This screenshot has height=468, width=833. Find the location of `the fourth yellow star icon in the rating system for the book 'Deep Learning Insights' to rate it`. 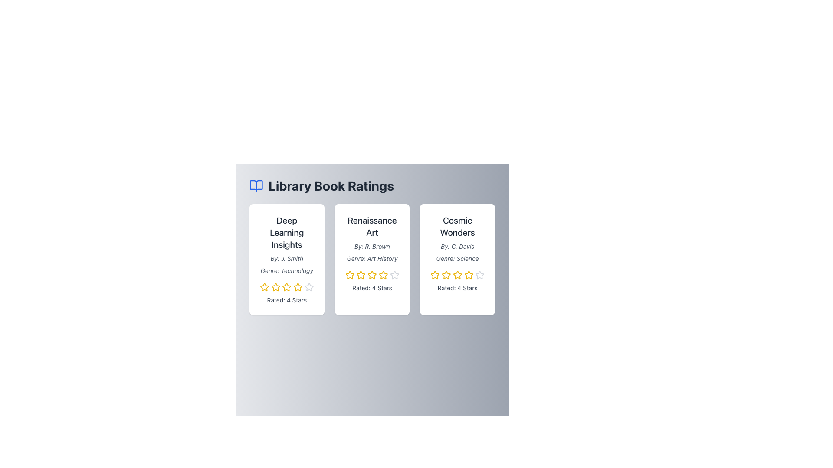

the fourth yellow star icon in the rating system for the book 'Deep Learning Insights' to rate it is located at coordinates (298, 287).